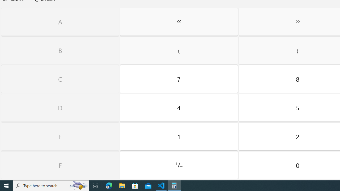 The width and height of the screenshot is (340, 191). I want to click on 'Calculator - 1 running window', so click(174, 185).